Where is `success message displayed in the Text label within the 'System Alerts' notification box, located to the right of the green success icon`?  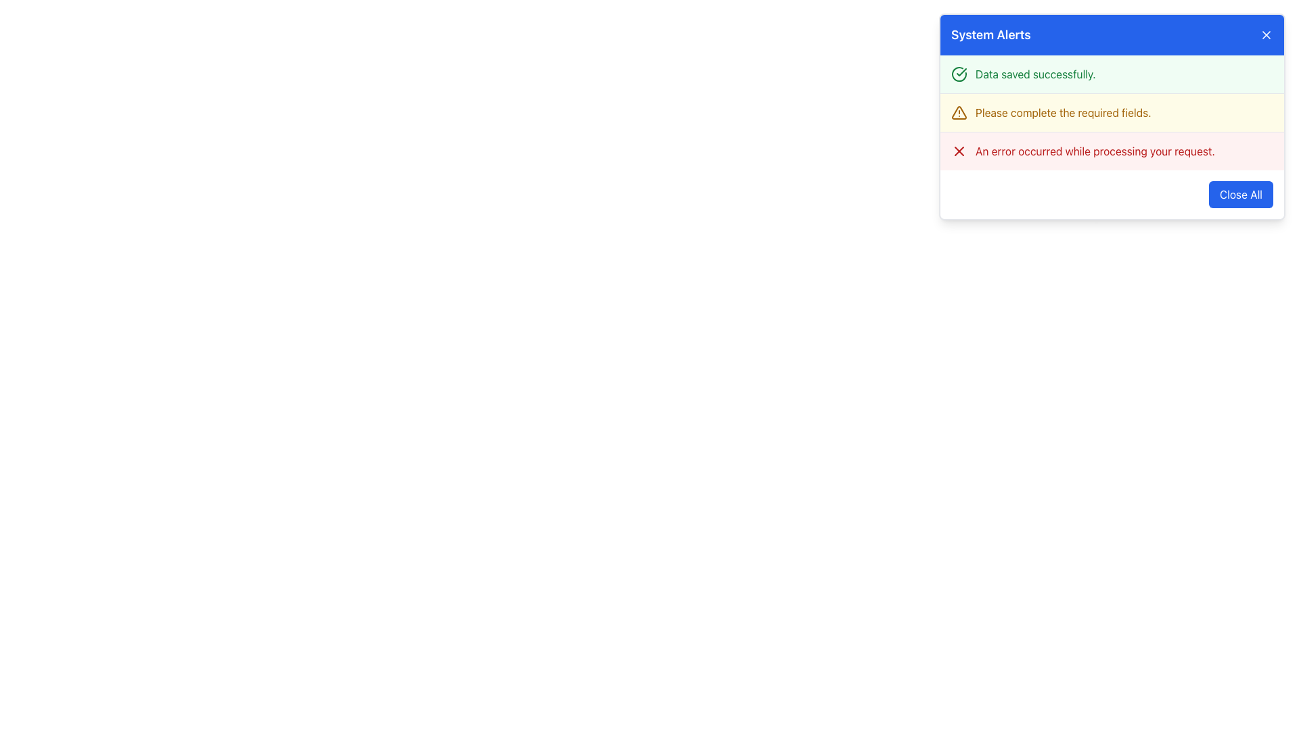
success message displayed in the Text label within the 'System Alerts' notification box, located to the right of the green success icon is located at coordinates (1034, 74).